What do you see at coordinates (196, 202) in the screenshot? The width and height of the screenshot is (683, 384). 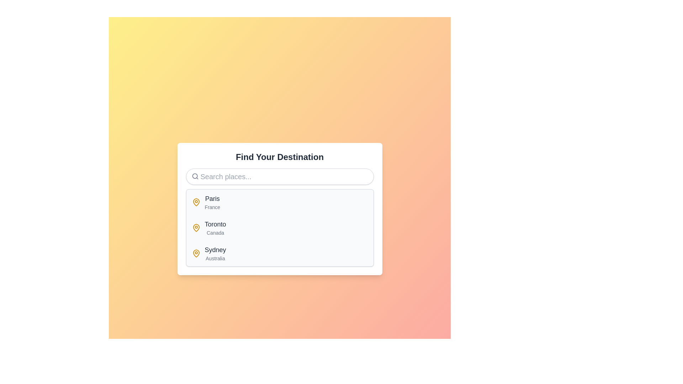 I see `the yellow map pin icon representing Paris, France, which is located in the topmost entry of the list` at bounding box center [196, 202].